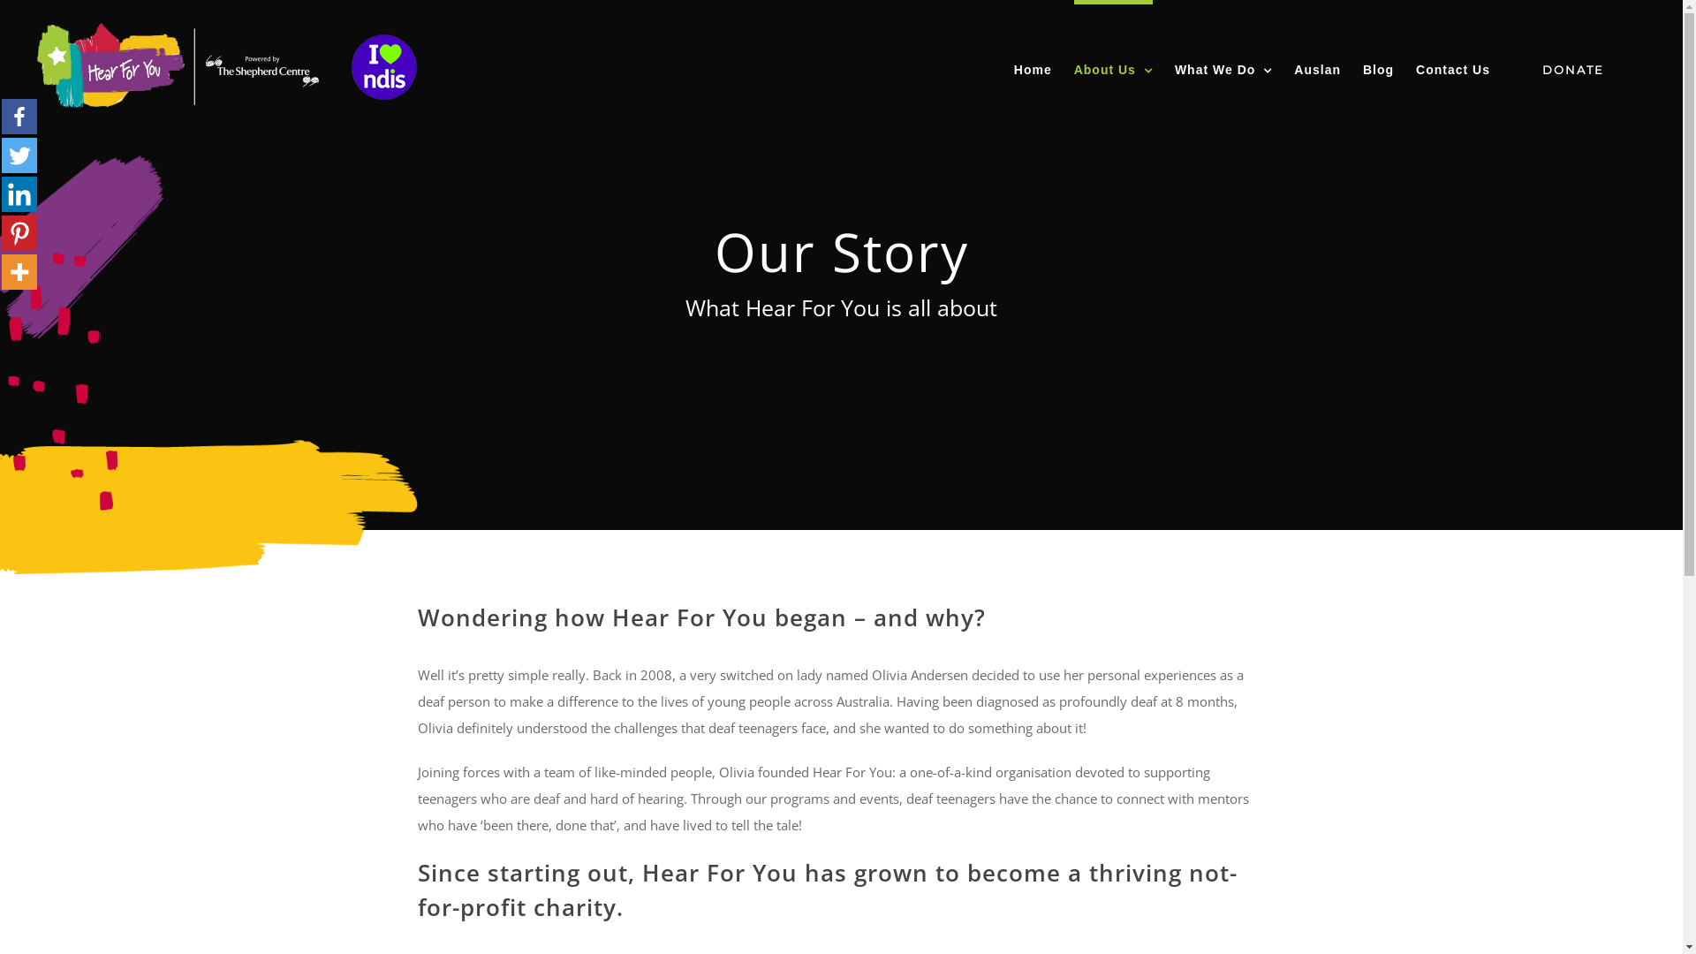 The height and width of the screenshot is (954, 1696). I want to click on 'Facebook', so click(19, 116).